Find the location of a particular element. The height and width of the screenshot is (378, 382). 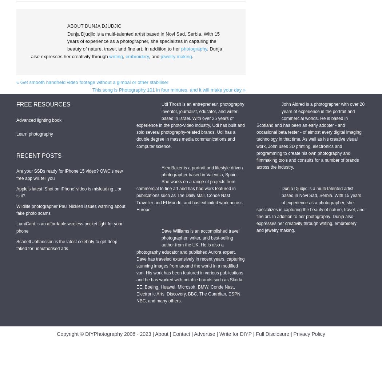

'.' is located at coordinates (294, 230).